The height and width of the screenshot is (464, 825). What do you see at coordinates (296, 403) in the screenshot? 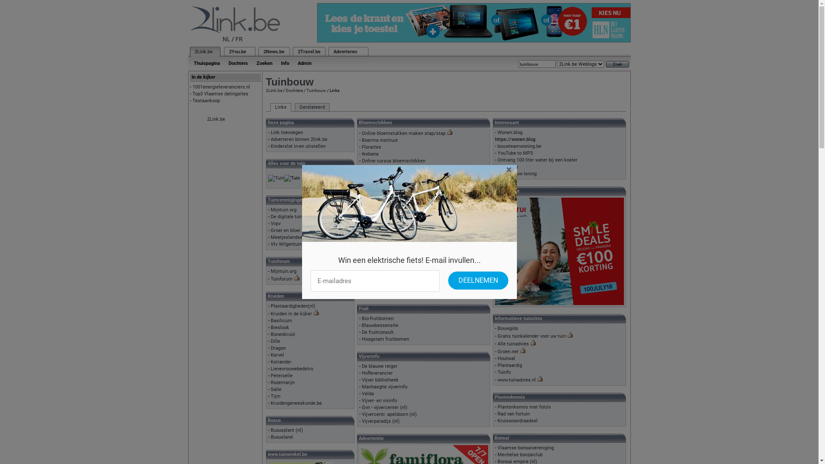
I see `'Kruidengeneeskunde.be'` at bounding box center [296, 403].